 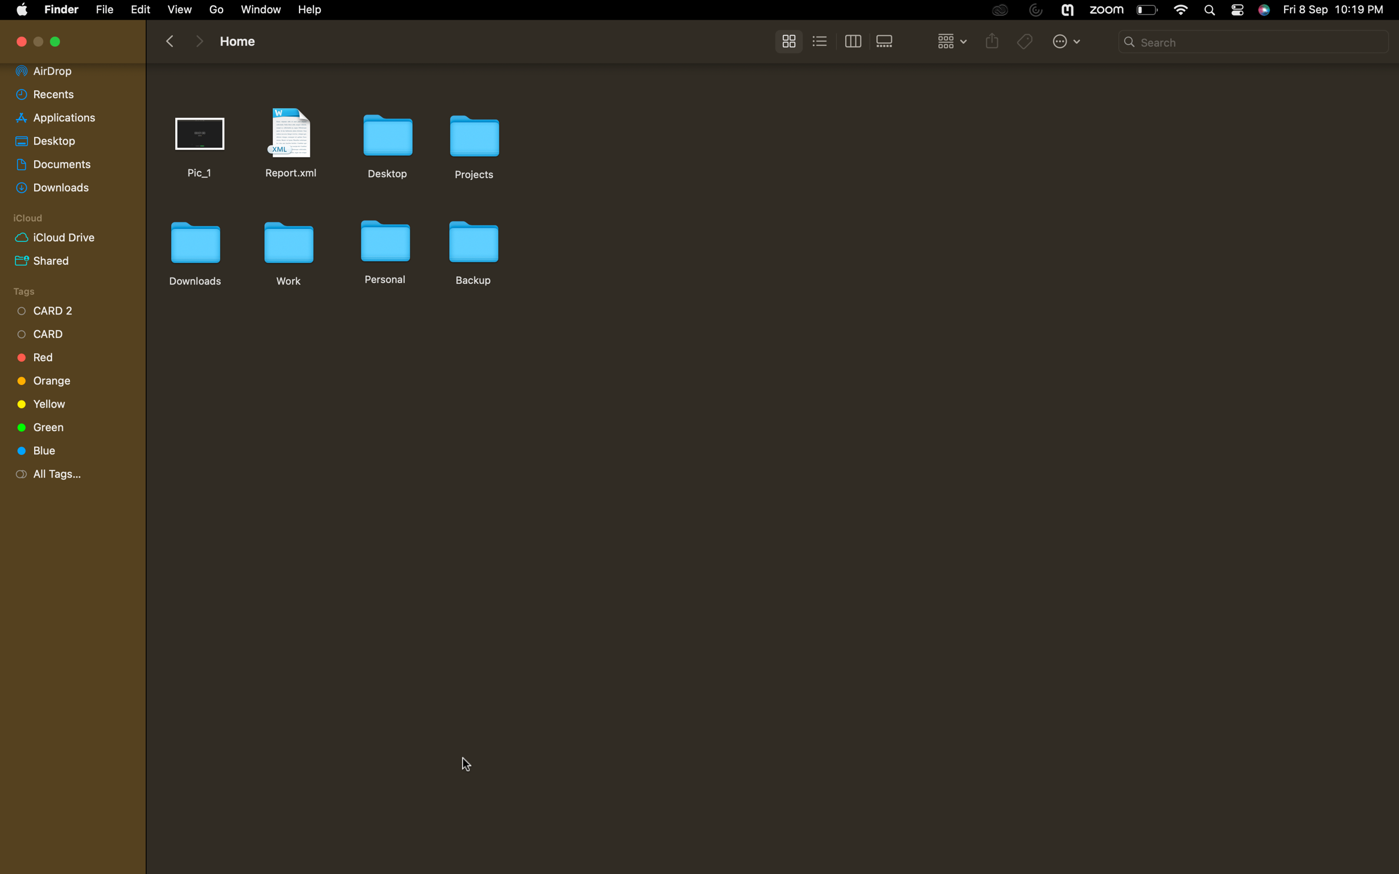 I want to click on the "documents" folder and highlight all files within it, so click(x=68, y=161).